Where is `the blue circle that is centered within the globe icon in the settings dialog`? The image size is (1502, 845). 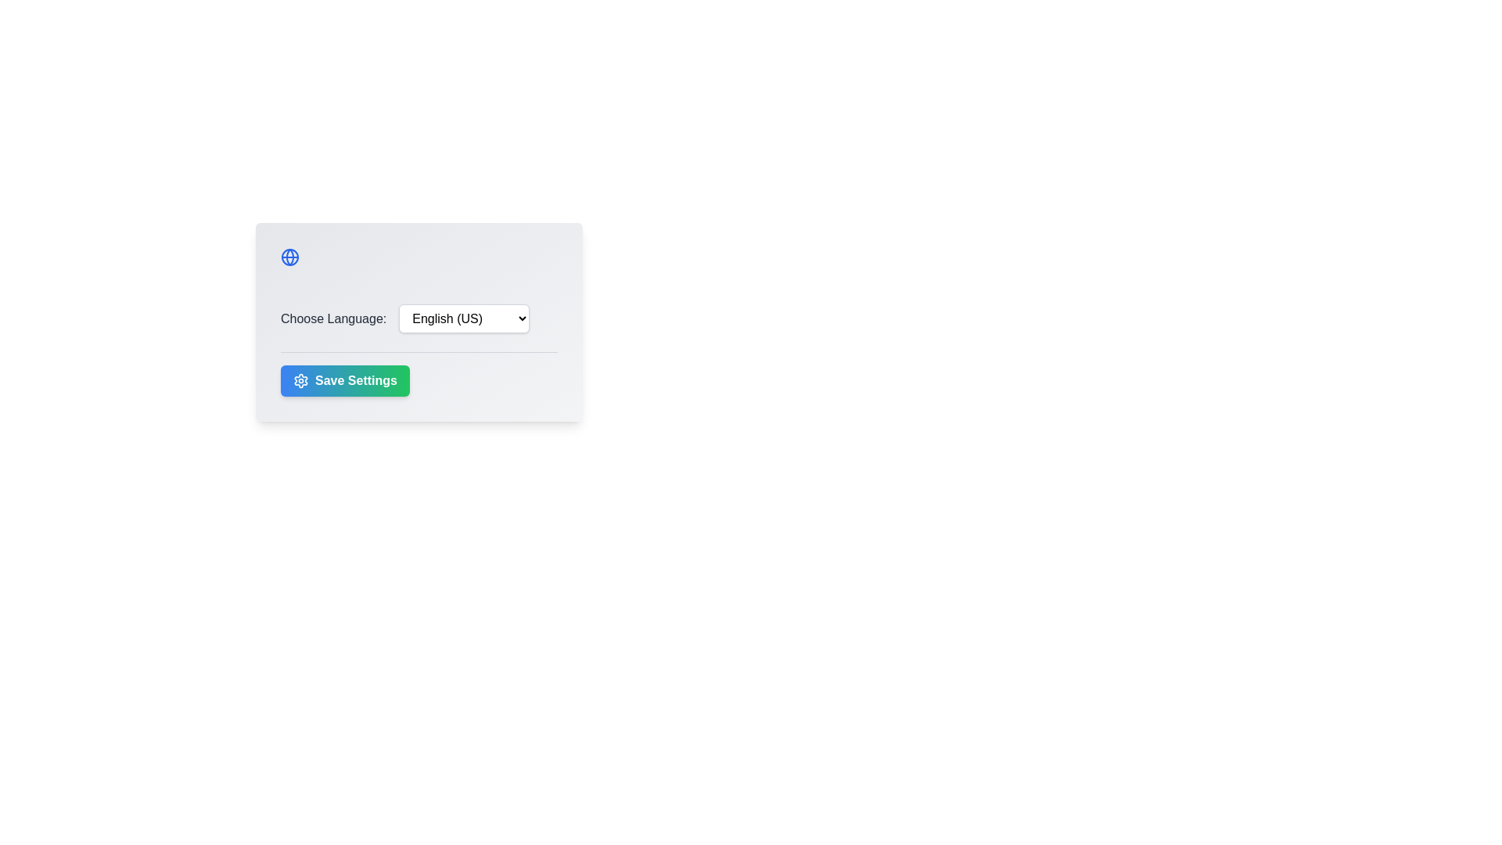 the blue circle that is centered within the globe icon in the settings dialog is located at coordinates (289, 256).